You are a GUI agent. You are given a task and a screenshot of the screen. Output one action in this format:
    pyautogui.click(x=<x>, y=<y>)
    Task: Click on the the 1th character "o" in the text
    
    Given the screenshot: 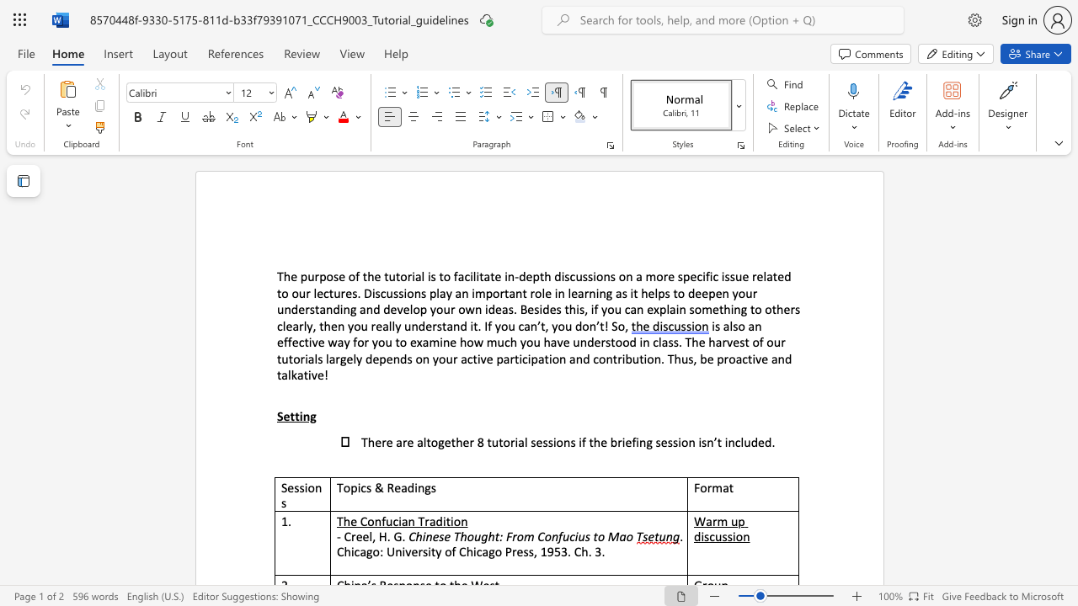 What is the action you would take?
    pyautogui.click(x=329, y=275)
    